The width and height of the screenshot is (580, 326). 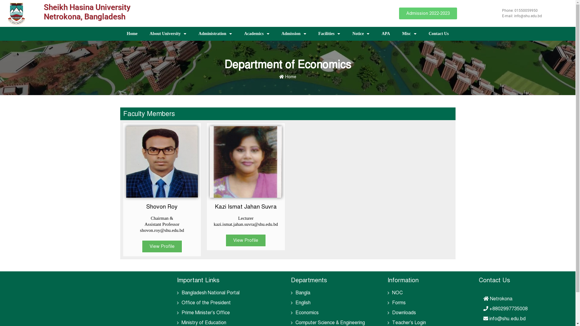 I want to click on 'Economics', so click(x=295, y=312).